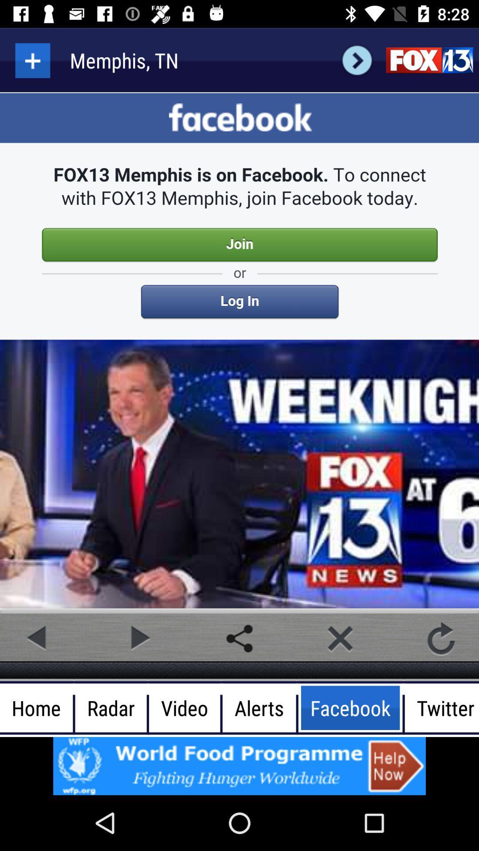 The width and height of the screenshot is (479, 851). Describe the element at coordinates (138, 638) in the screenshot. I see `next` at that location.